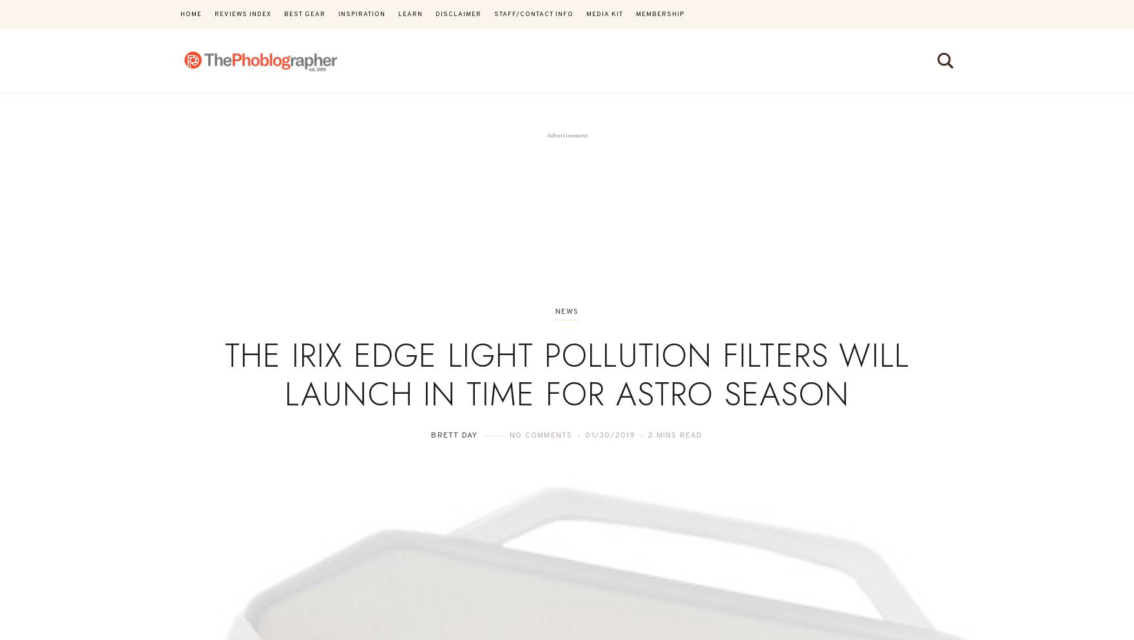 The width and height of the screenshot is (1134, 640). What do you see at coordinates (540, 436) in the screenshot?
I see `'No Comments'` at bounding box center [540, 436].